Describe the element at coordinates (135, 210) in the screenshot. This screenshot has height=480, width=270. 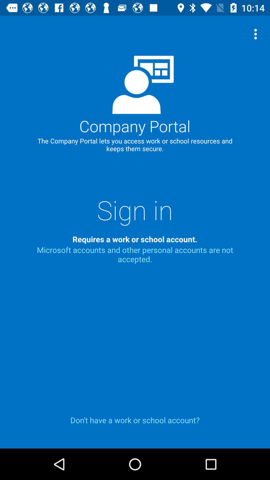
I see `icon below the company portal icon` at that location.